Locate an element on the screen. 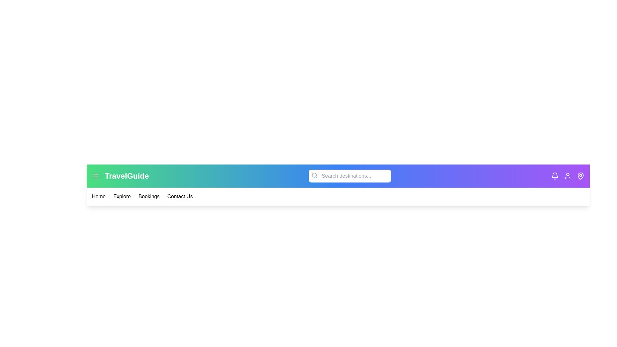  the map pin icon to view location-related features is located at coordinates (580, 176).